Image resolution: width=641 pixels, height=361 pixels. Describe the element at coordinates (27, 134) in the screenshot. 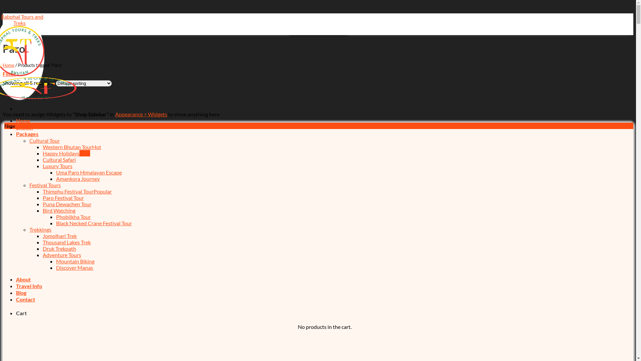

I see `'Packages'` at that location.